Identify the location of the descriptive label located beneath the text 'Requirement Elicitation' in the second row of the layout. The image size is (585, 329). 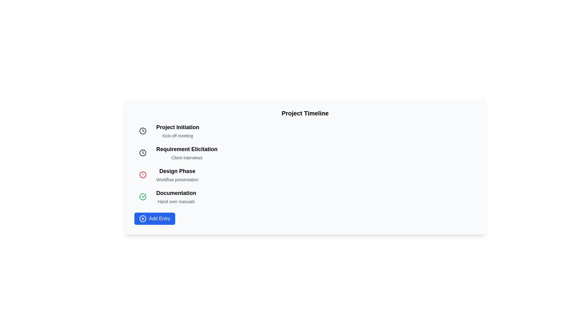
(186, 157).